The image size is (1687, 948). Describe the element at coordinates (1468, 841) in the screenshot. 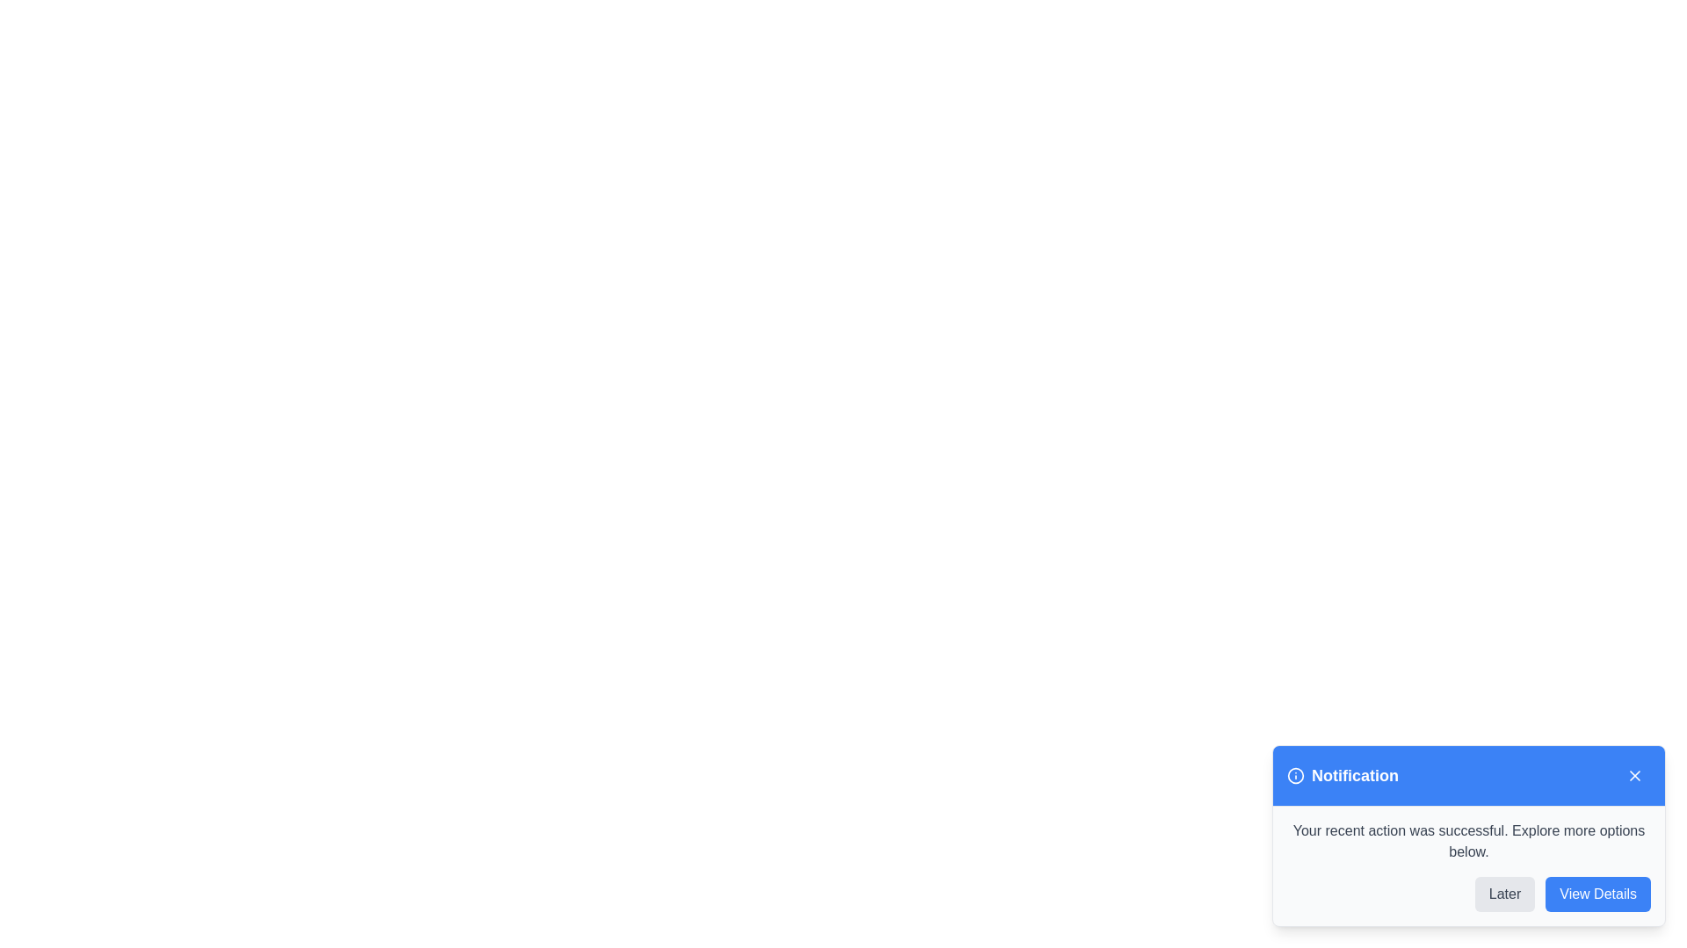

I see `message displayed in the gray text label that states 'Your recent action was successful. Explore more options below.'` at that location.